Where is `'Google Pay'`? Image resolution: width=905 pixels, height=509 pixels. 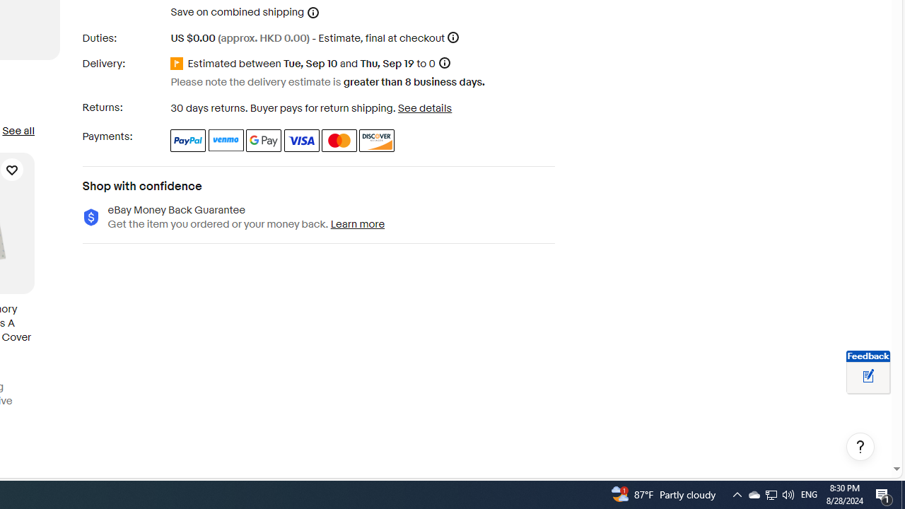
'Google Pay' is located at coordinates (264, 140).